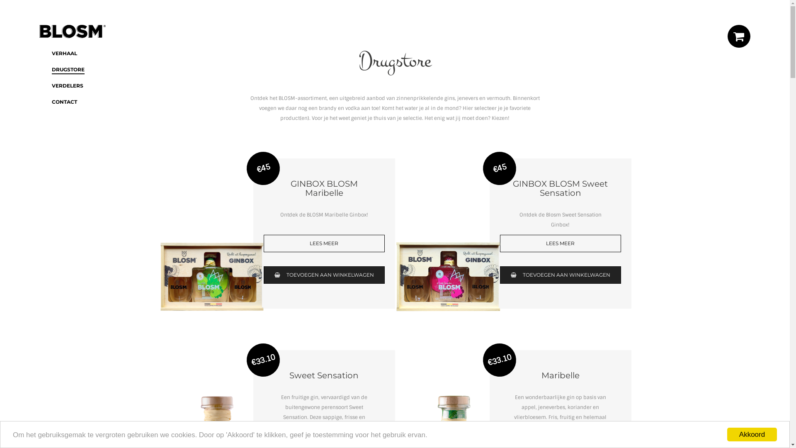 The width and height of the screenshot is (796, 448). I want to click on 'Akkoord', so click(726, 434).